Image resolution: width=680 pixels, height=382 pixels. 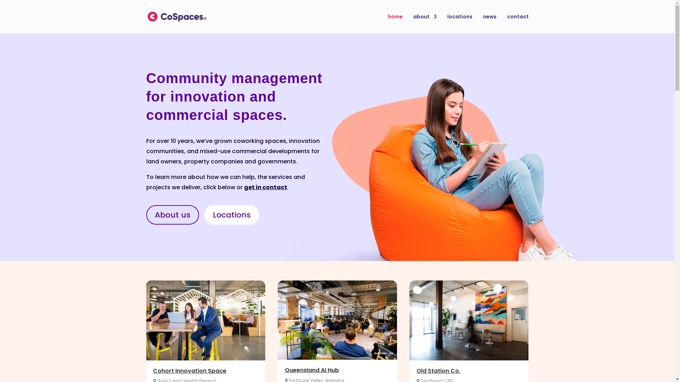 What do you see at coordinates (489, 23) in the screenshot?
I see `'news'` at bounding box center [489, 23].